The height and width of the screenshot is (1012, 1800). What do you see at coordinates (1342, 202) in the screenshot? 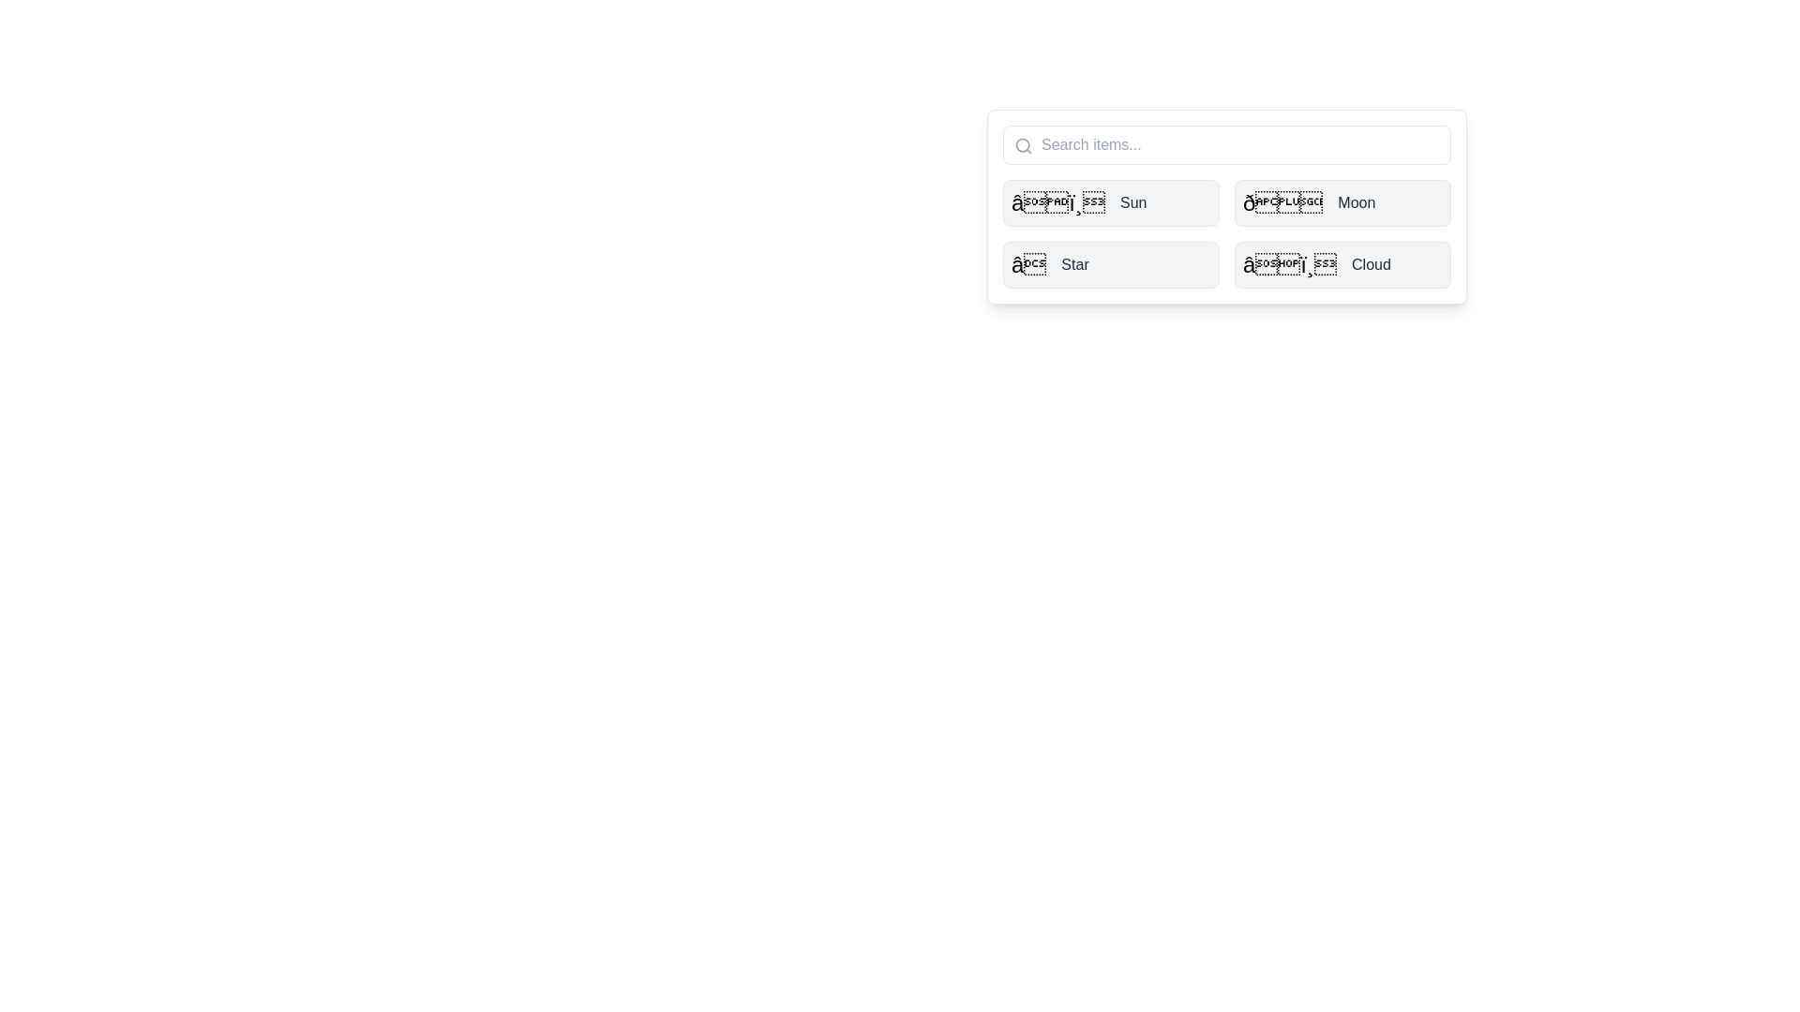
I see `the button-like grid item labeled 'Moon' with a moon emoji` at bounding box center [1342, 202].